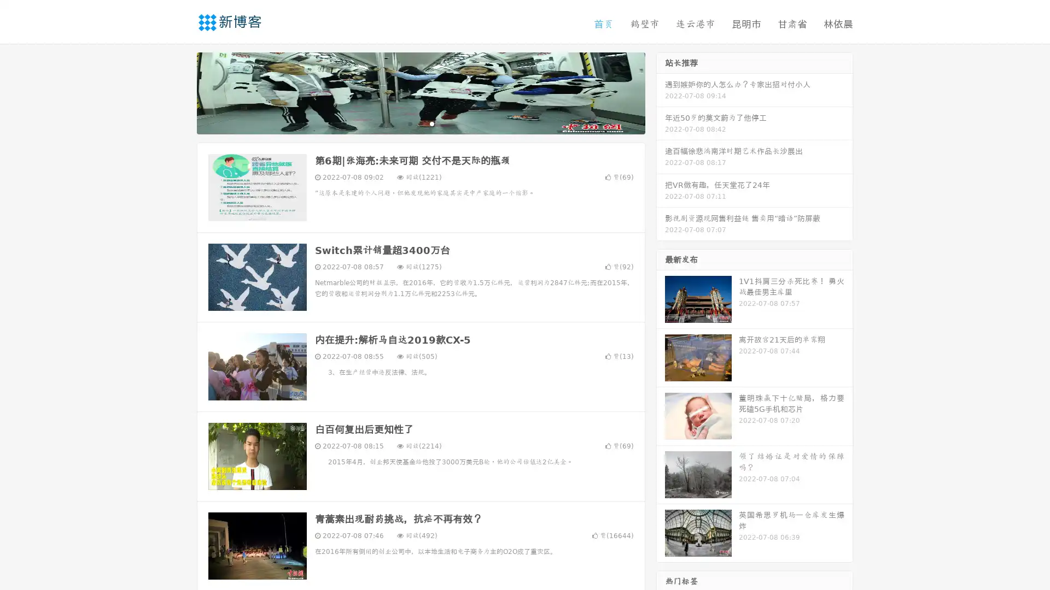 The width and height of the screenshot is (1050, 590). What do you see at coordinates (661, 92) in the screenshot?
I see `Next slide` at bounding box center [661, 92].